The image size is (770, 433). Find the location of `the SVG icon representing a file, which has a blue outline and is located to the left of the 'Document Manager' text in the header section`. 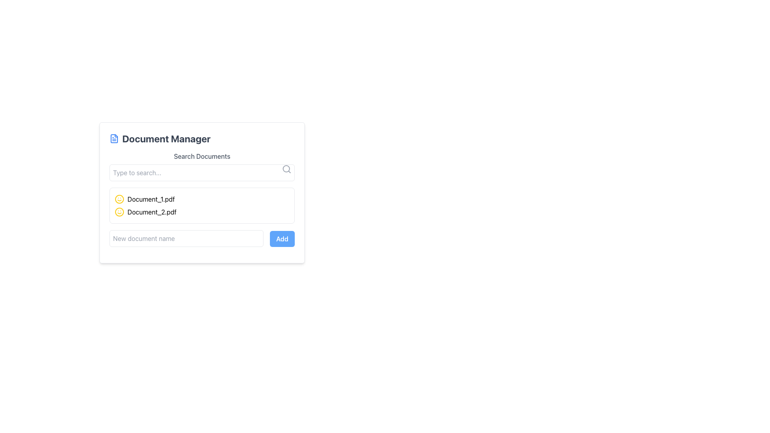

the SVG icon representing a file, which has a blue outline and is located to the left of the 'Document Manager' text in the header section is located at coordinates (113, 138).